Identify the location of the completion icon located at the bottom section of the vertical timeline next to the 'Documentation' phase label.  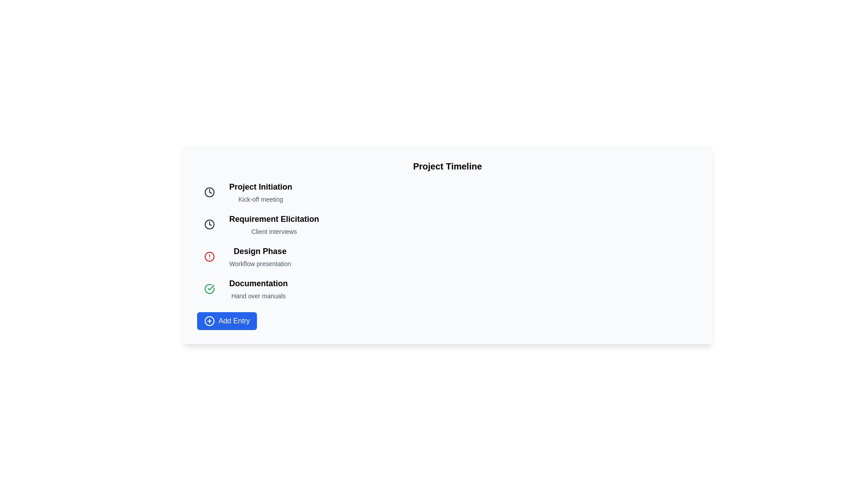
(210, 288).